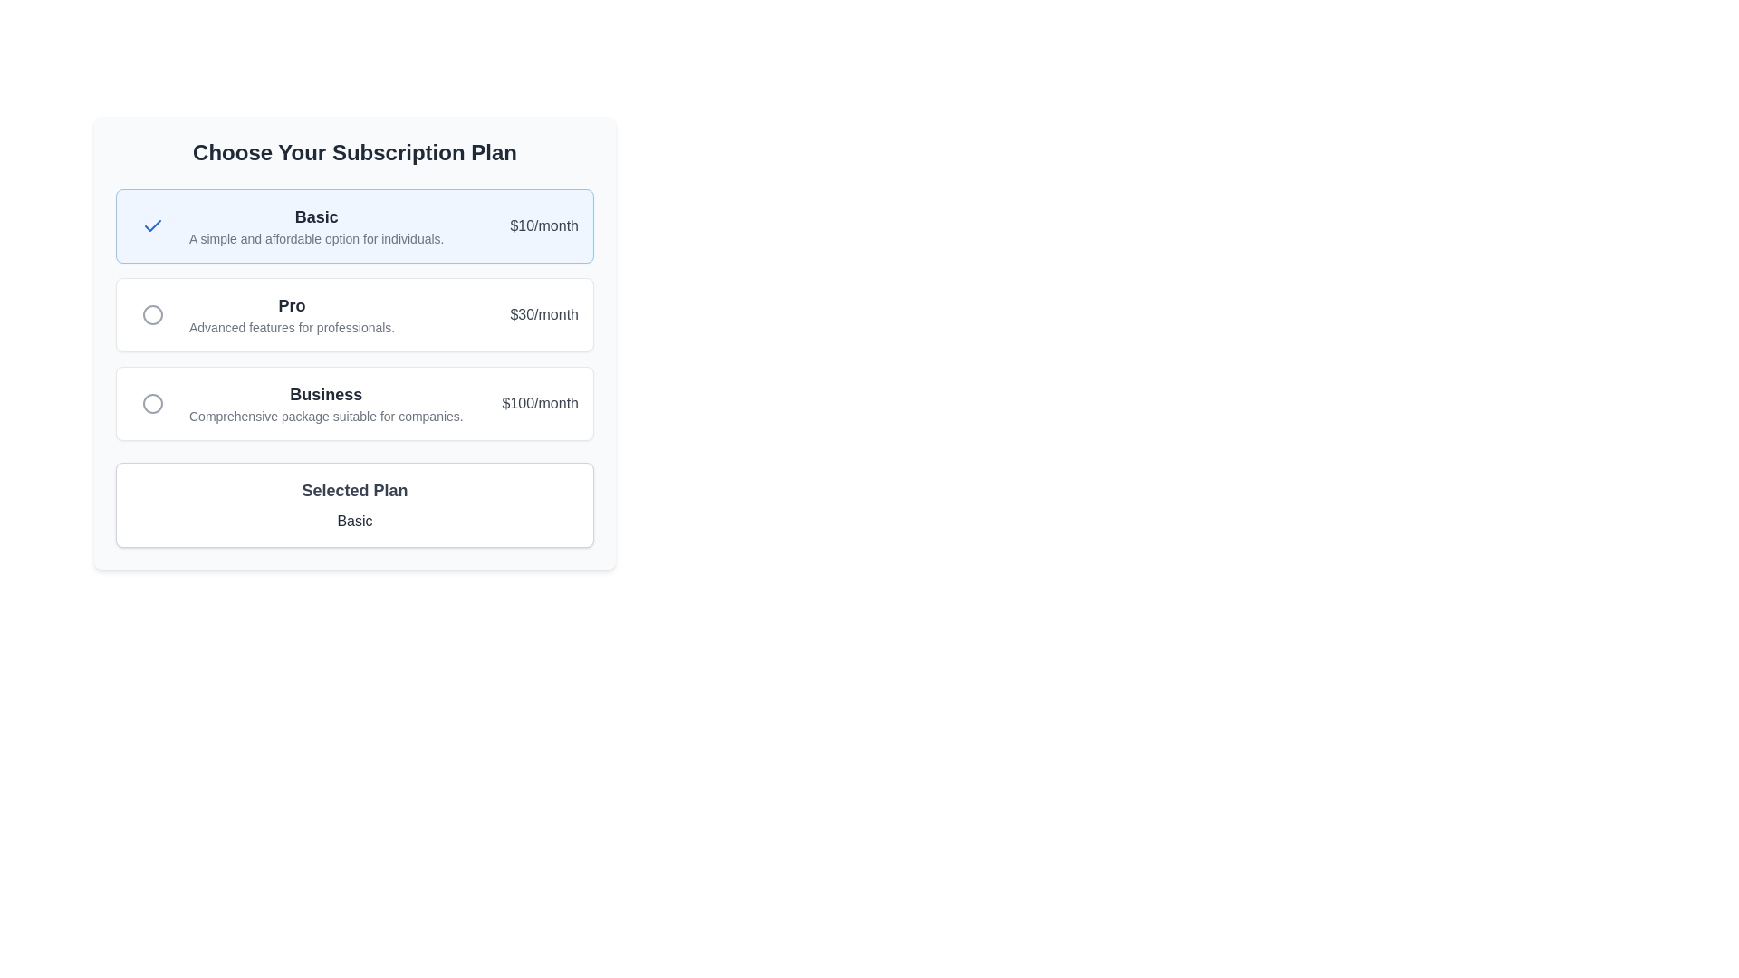  Describe the element at coordinates (292, 328) in the screenshot. I see `the descriptive text of the 'Pro' subscription plan located below the 'Pro' header` at that location.